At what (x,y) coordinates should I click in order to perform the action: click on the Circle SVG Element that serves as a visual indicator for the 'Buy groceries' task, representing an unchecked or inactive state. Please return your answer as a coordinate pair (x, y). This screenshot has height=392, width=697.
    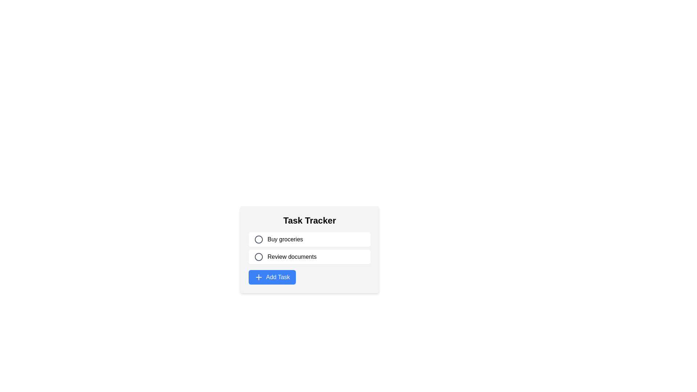
    Looking at the image, I should click on (259, 239).